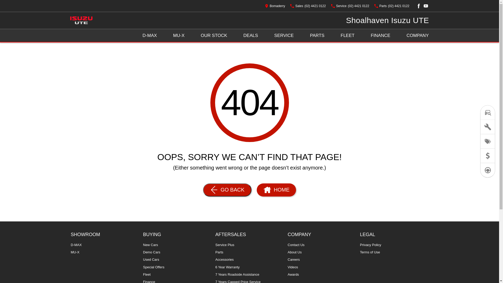  Describe the element at coordinates (215, 276) in the screenshot. I see `'7 Years Roadside Assistance'` at that location.